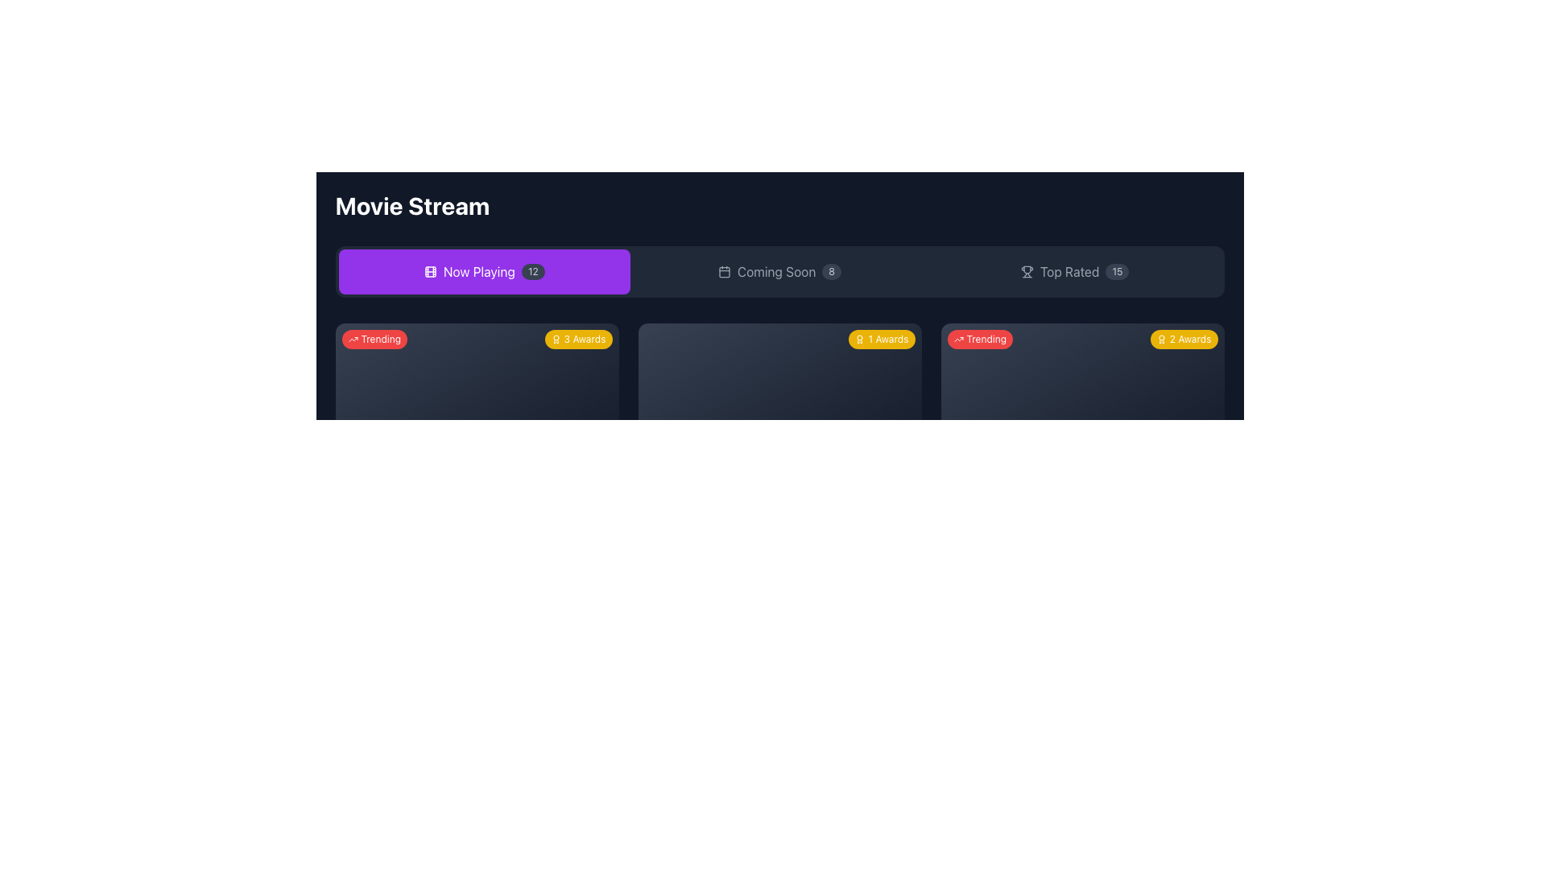 This screenshot has width=1546, height=869. What do you see at coordinates (430, 271) in the screenshot?
I see `the small purple rectangle with rounded corners, part of the filmstrip icon located to the left of the 'Now Playing' button` at bounding box center [430, 271].